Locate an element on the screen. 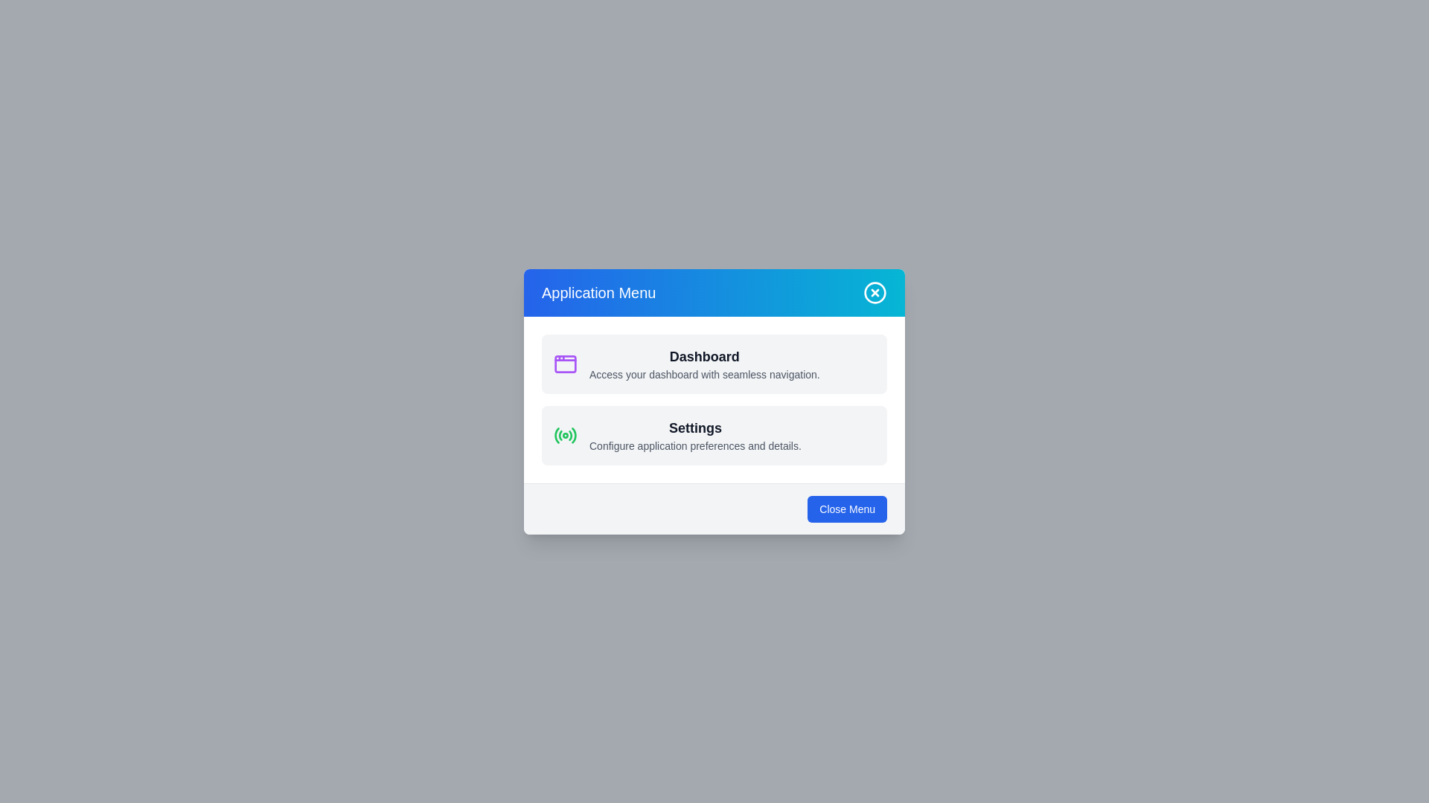 This screenshot has width=1429, height=803. the menu item Settings from the menu is located at coordinates (714, 435).